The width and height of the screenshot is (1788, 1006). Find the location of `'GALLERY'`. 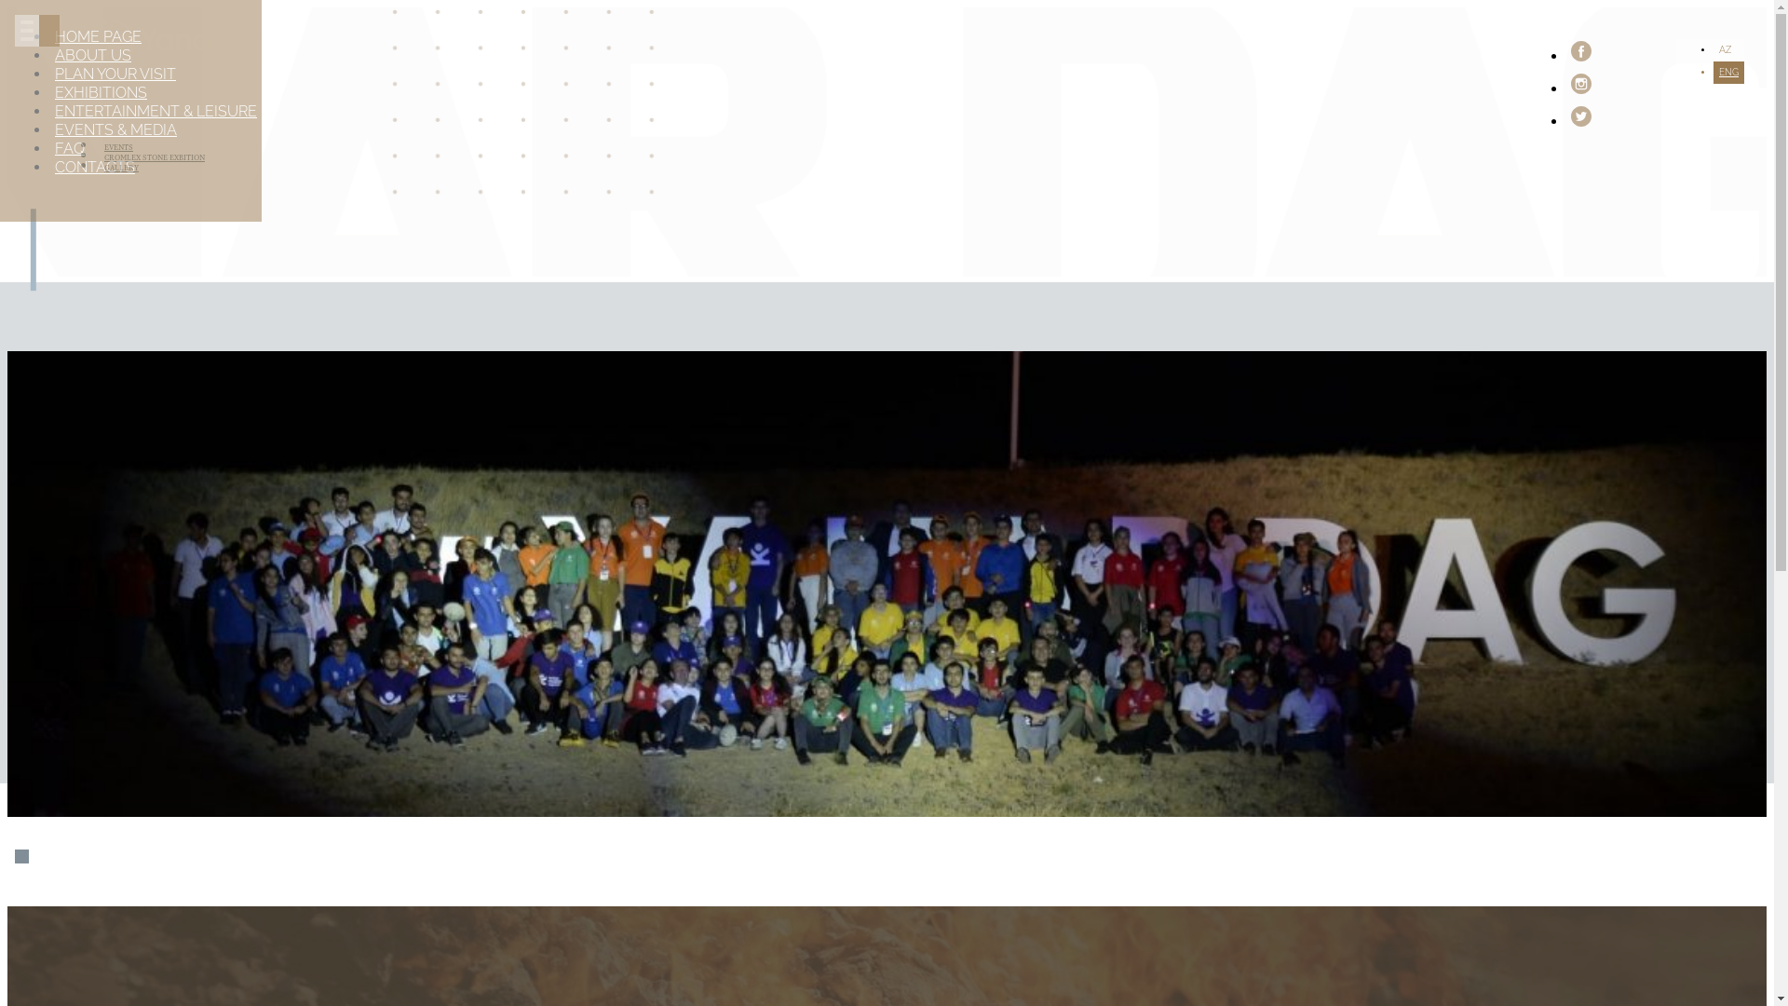

'GALLERY' is located at coordinates (120, 168).